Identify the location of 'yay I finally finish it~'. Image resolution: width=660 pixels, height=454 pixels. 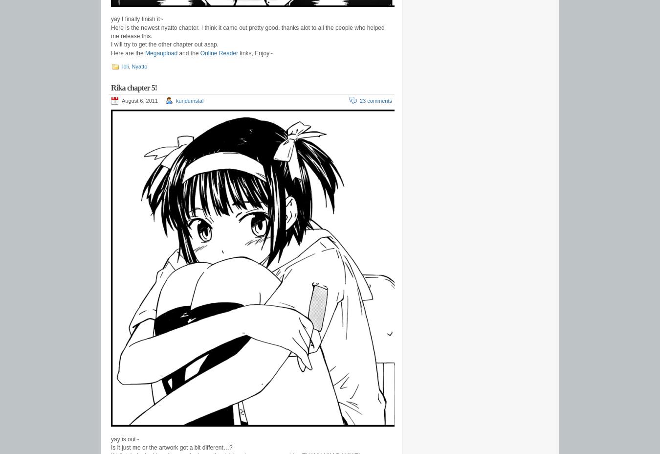
(136, 18).